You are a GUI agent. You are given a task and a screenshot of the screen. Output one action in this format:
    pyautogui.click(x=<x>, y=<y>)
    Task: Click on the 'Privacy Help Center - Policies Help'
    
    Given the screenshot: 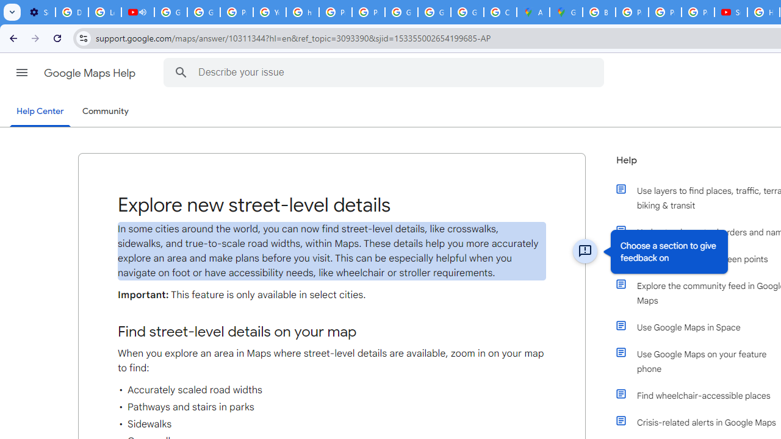 What is the action you would take?
    pyautogui.click(x=664, y=12)
    